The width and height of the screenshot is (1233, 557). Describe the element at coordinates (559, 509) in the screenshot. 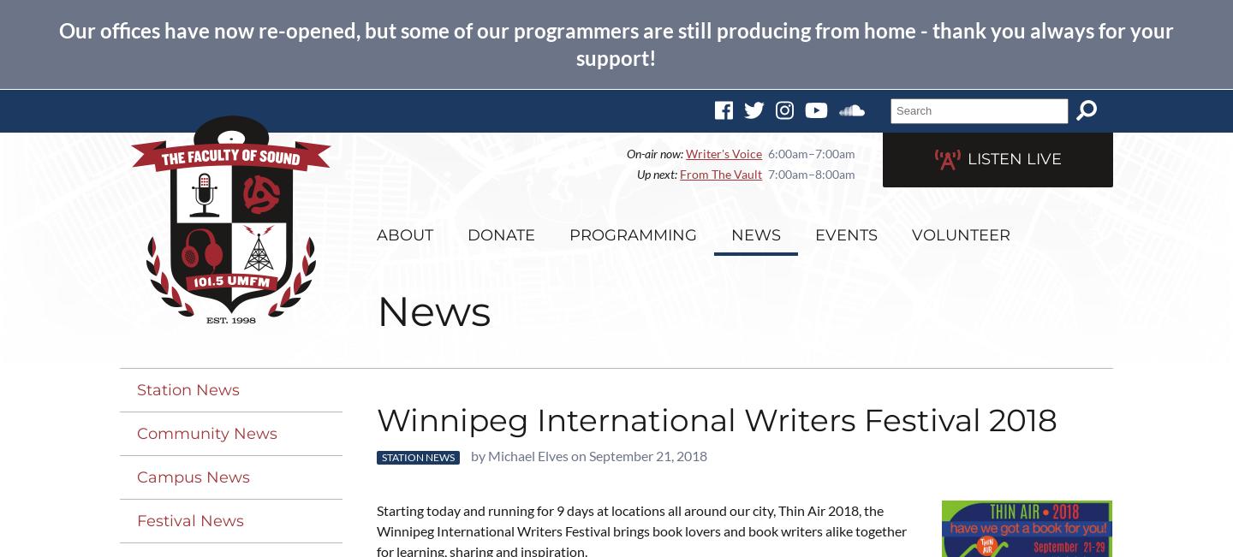

I see `'9'` at that location.